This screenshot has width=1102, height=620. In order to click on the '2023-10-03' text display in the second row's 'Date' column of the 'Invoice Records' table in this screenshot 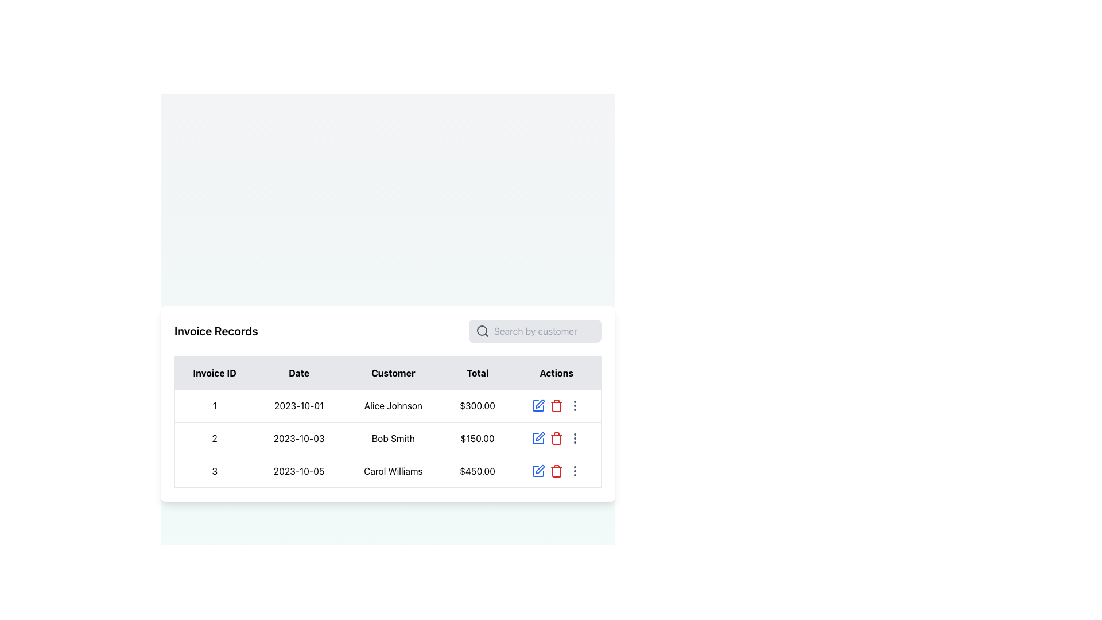, I will do `click(299, 438)`.